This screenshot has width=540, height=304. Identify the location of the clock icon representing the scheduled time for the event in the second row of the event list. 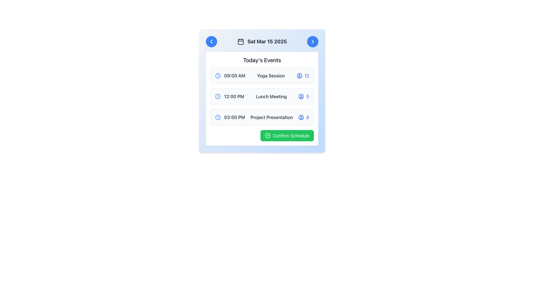
(217, 96).